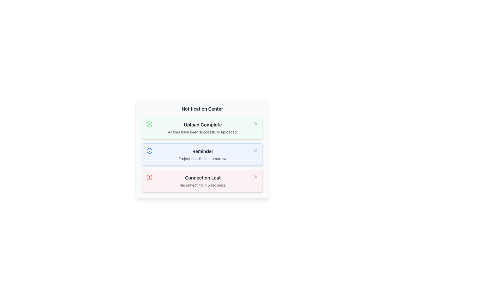 The image size is (500, 281). Describe the element at coordinates (202, 181) in the screenshot. I see `the third notification box that informs the user of a temporary loss of connection and presents an auto-reconnection countdown` at that location.